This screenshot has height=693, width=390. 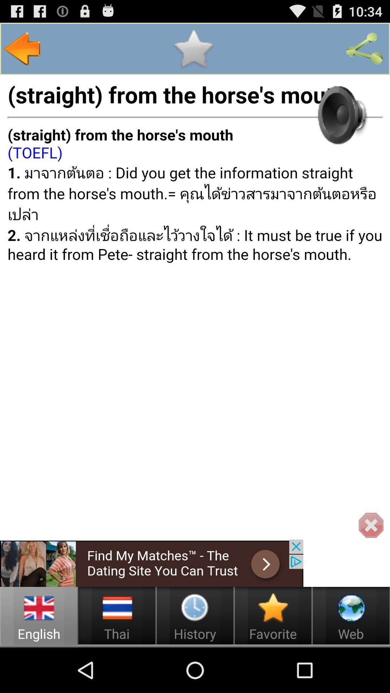 What do you see at coordinates (364, 48) in the screenshot?
I see `share with outside programs or people` at bounding box center [364, 48].